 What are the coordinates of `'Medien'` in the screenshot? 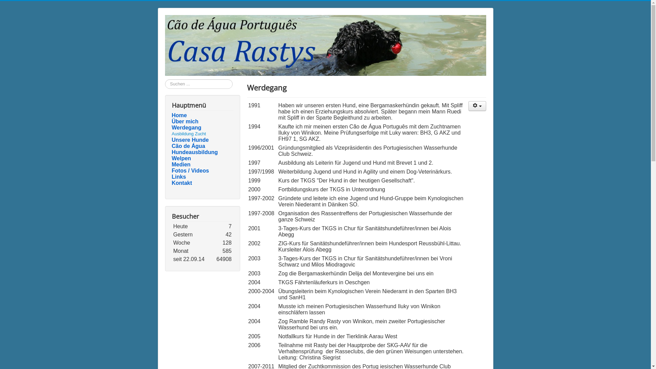 It's located at (202, 165).